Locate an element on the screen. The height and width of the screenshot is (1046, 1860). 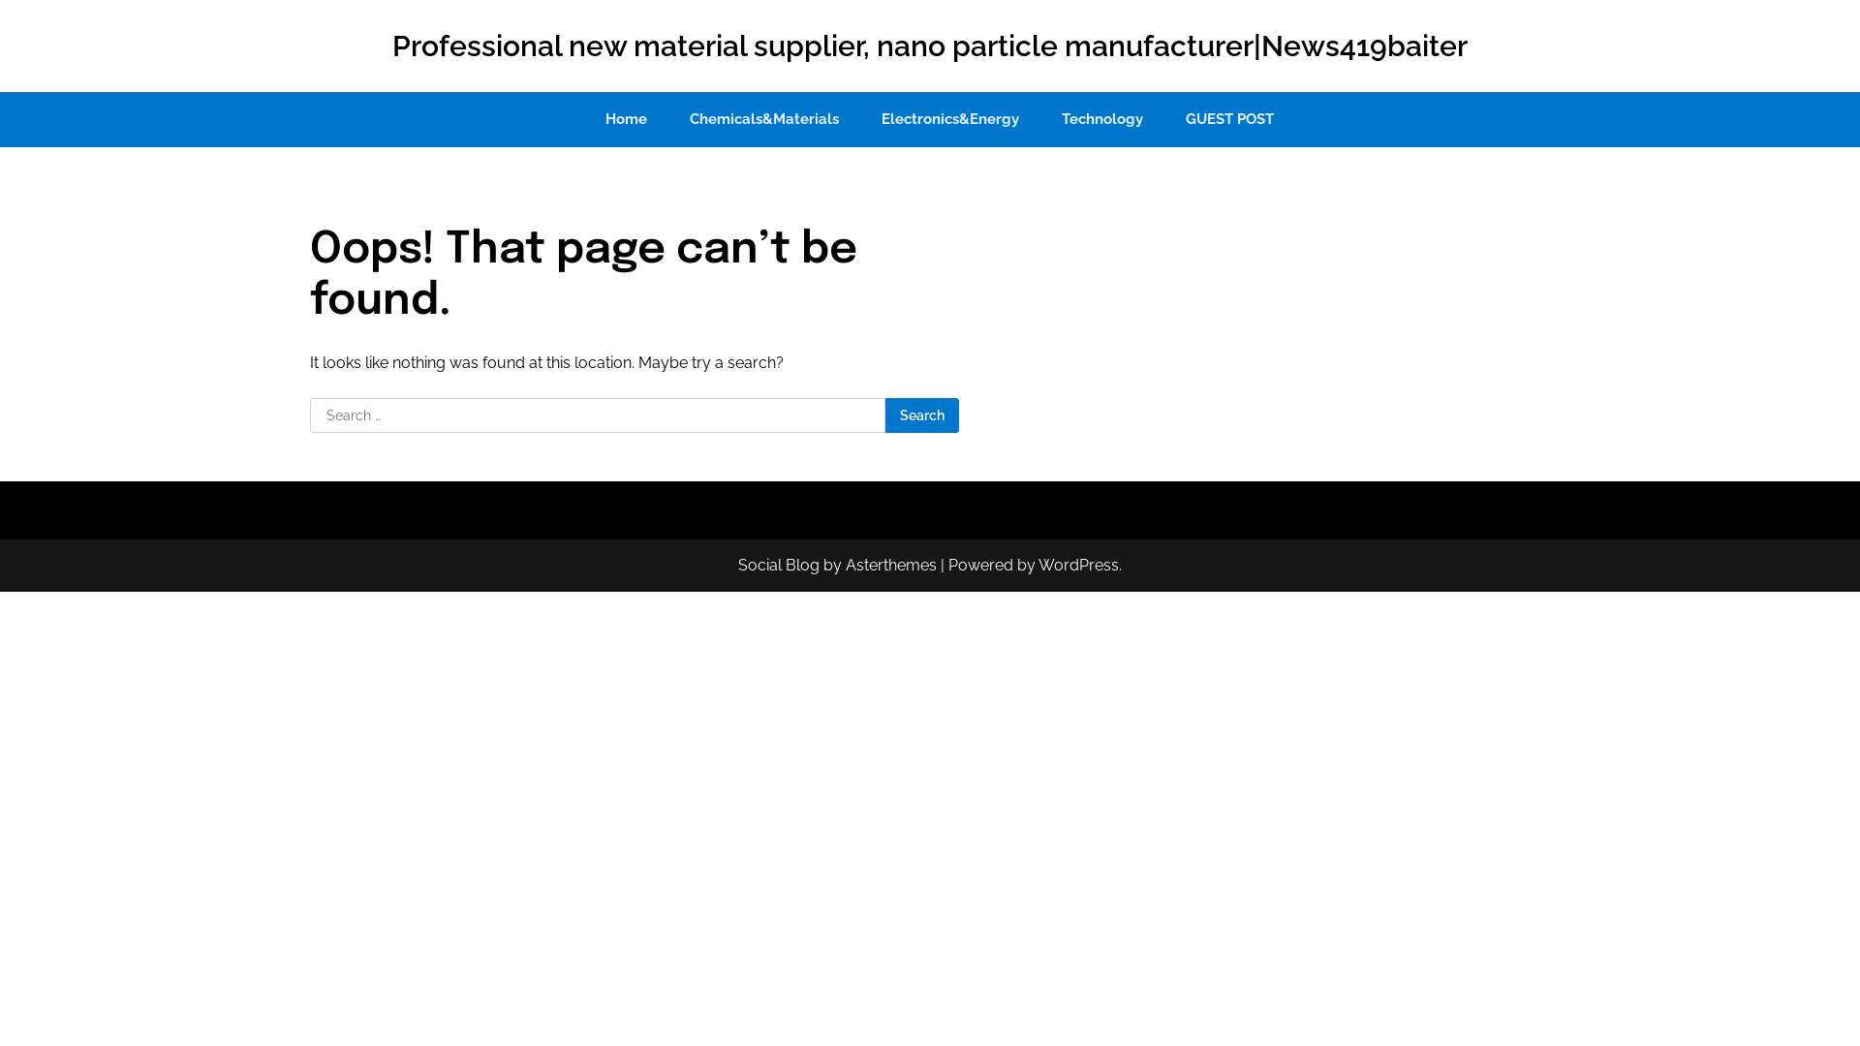
'Search' is located at coordinates (920, 414).